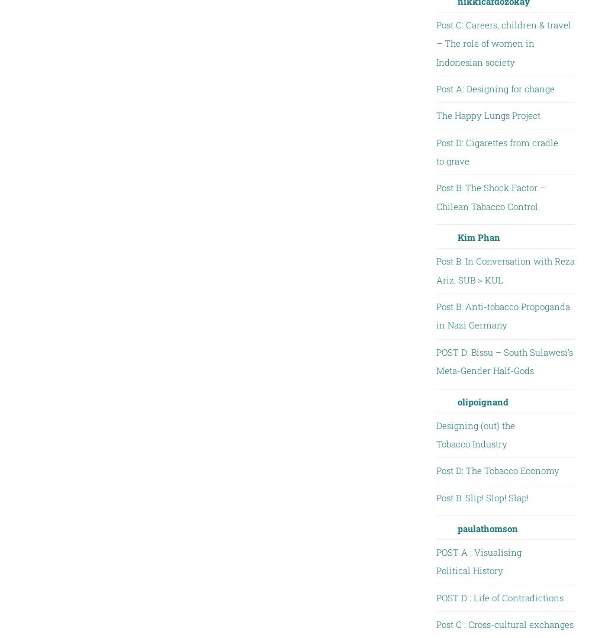 The image size is (592, 638). I want to click on 'Post C: Careers, children & travel – The role of women in Indonesian society', so click(503, 43).